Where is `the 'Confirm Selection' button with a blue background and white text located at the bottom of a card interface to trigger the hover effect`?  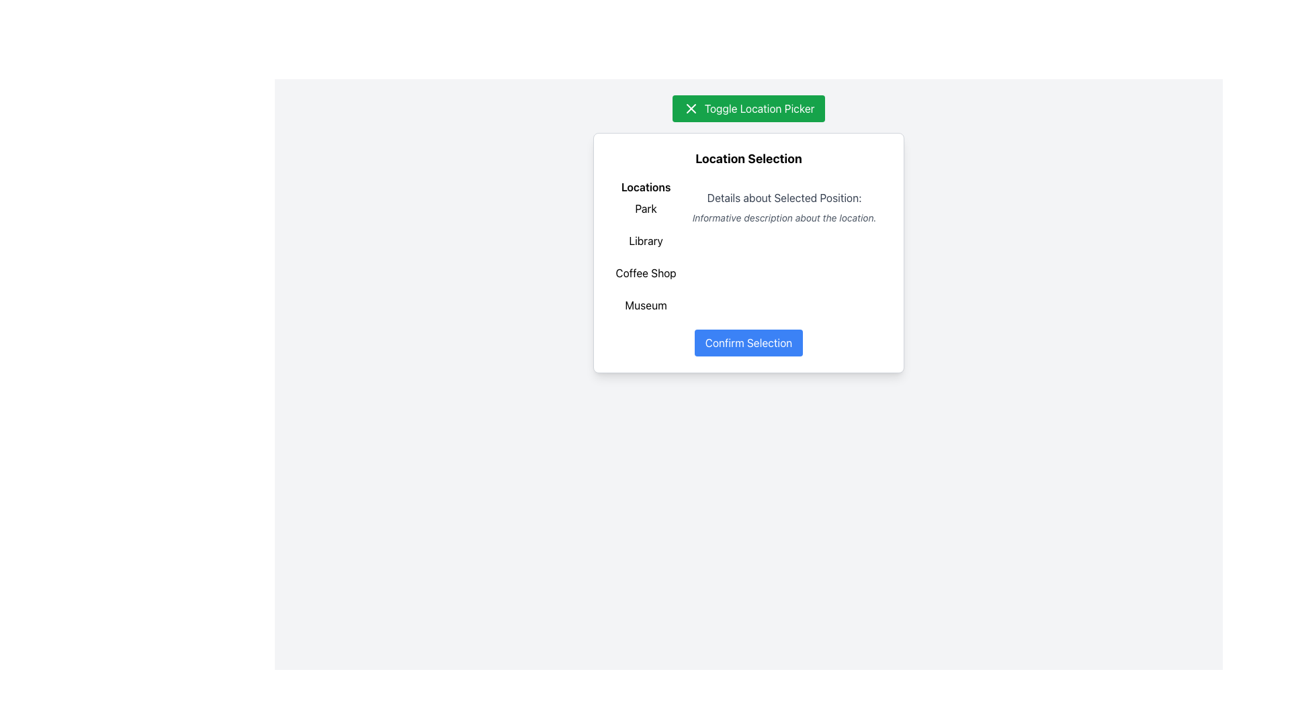 the 'Confirm Selection' button with a blue background and white text located at the bottom of a card interface to trigger the hover effect is located at coordinates (748, 342).